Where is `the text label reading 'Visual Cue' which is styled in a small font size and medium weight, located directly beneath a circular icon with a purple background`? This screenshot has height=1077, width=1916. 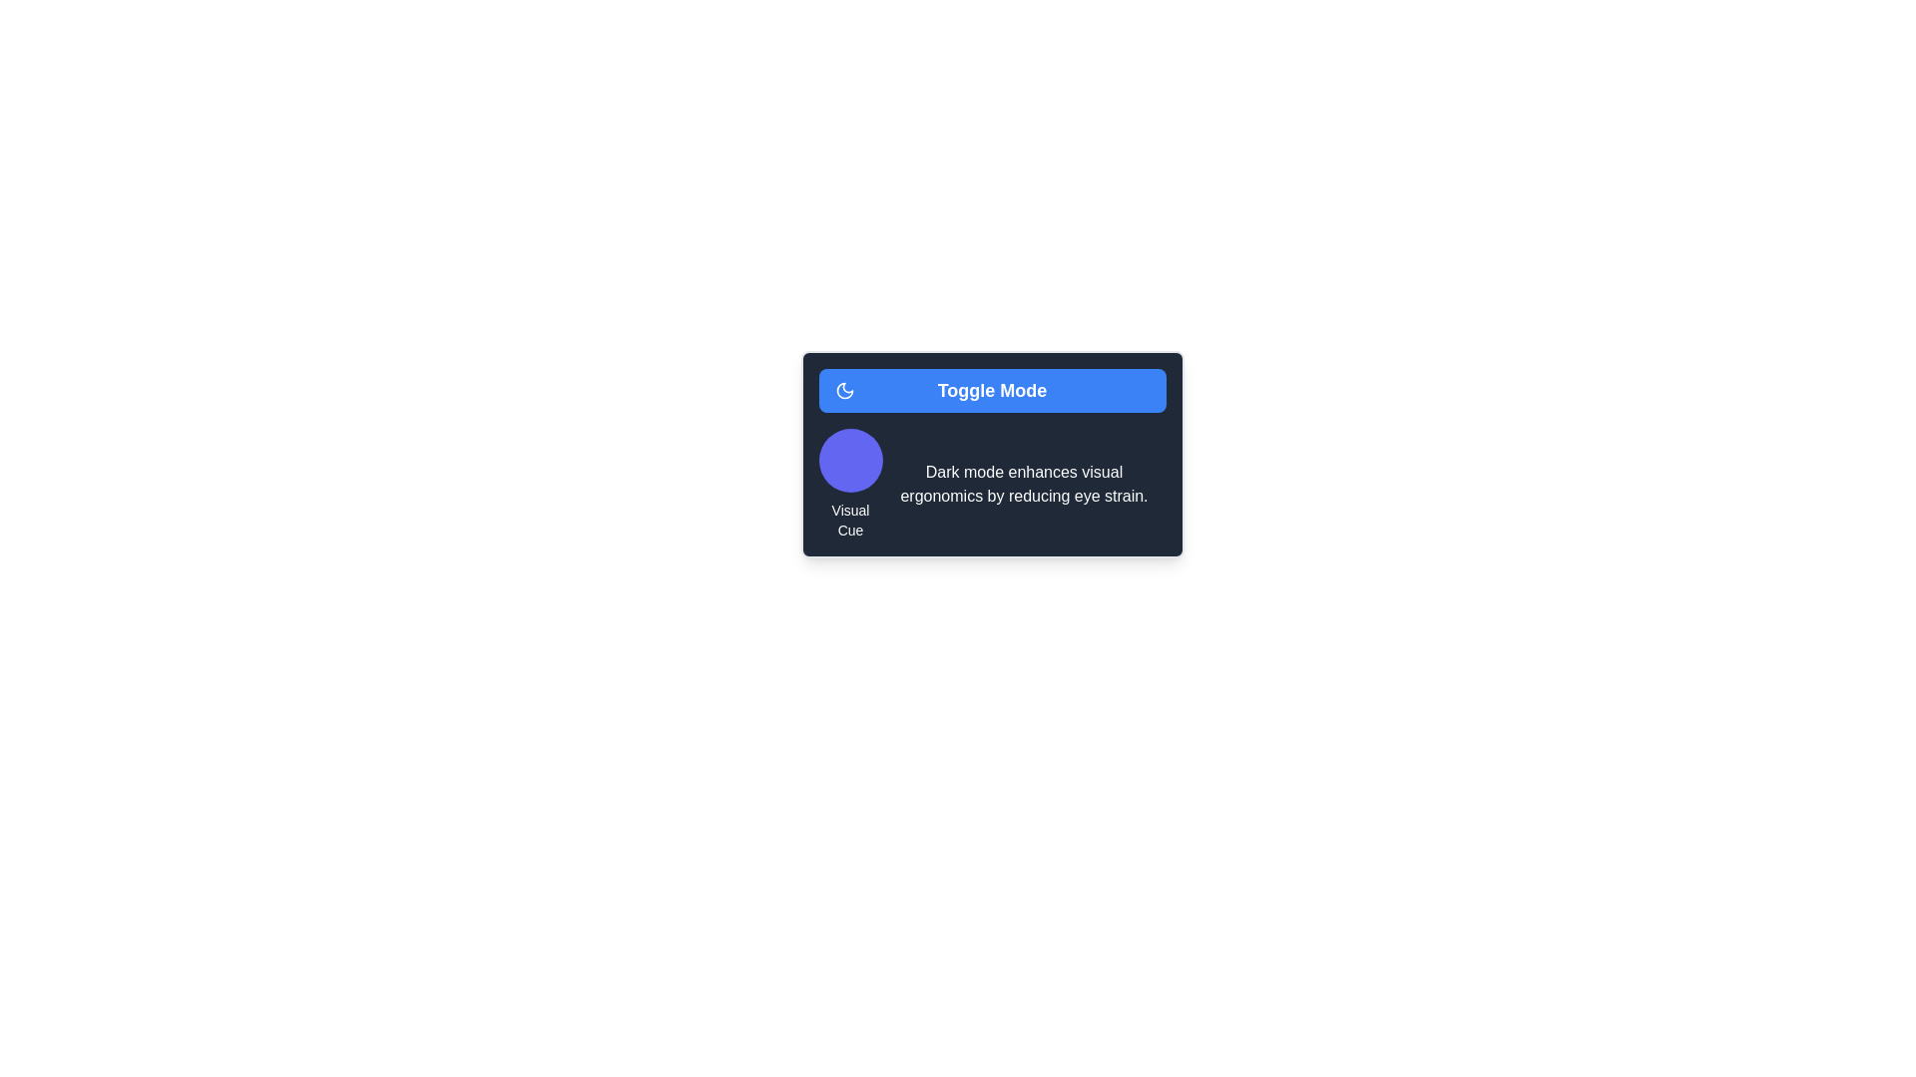
the text label reading 'Visual Cue' which is styled in a small font size and medium weight, located directly beneath a circular icon with a purple background is located at coordinates (850, 519).